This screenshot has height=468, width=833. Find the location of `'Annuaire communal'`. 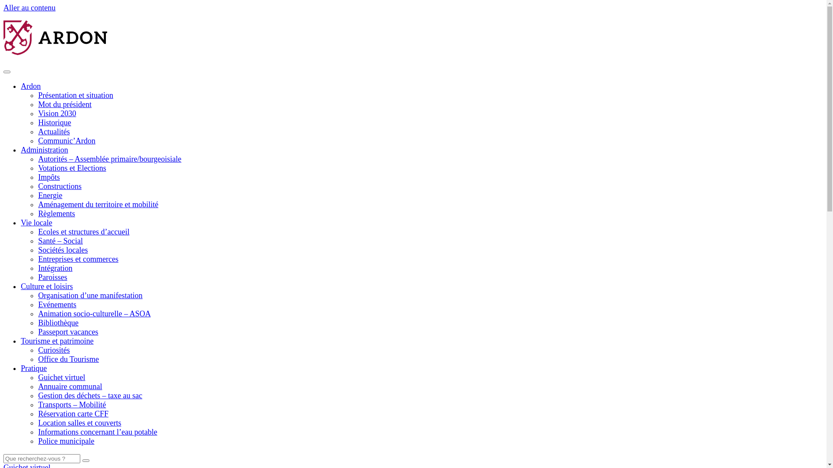

'Annuaire communal' is located at coordinates (37, 386).